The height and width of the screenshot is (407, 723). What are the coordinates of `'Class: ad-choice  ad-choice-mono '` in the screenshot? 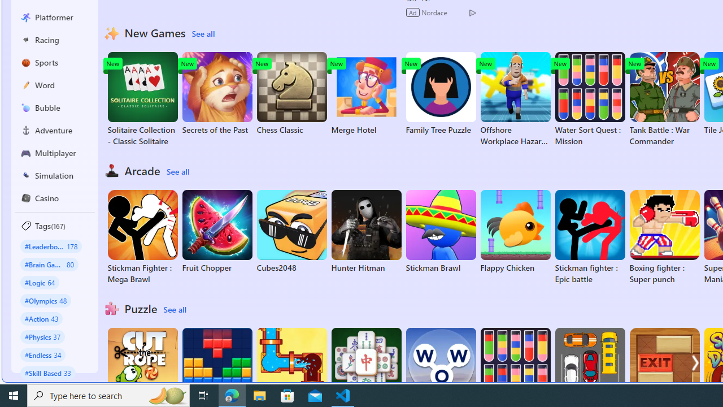 It's located at (472, 12).